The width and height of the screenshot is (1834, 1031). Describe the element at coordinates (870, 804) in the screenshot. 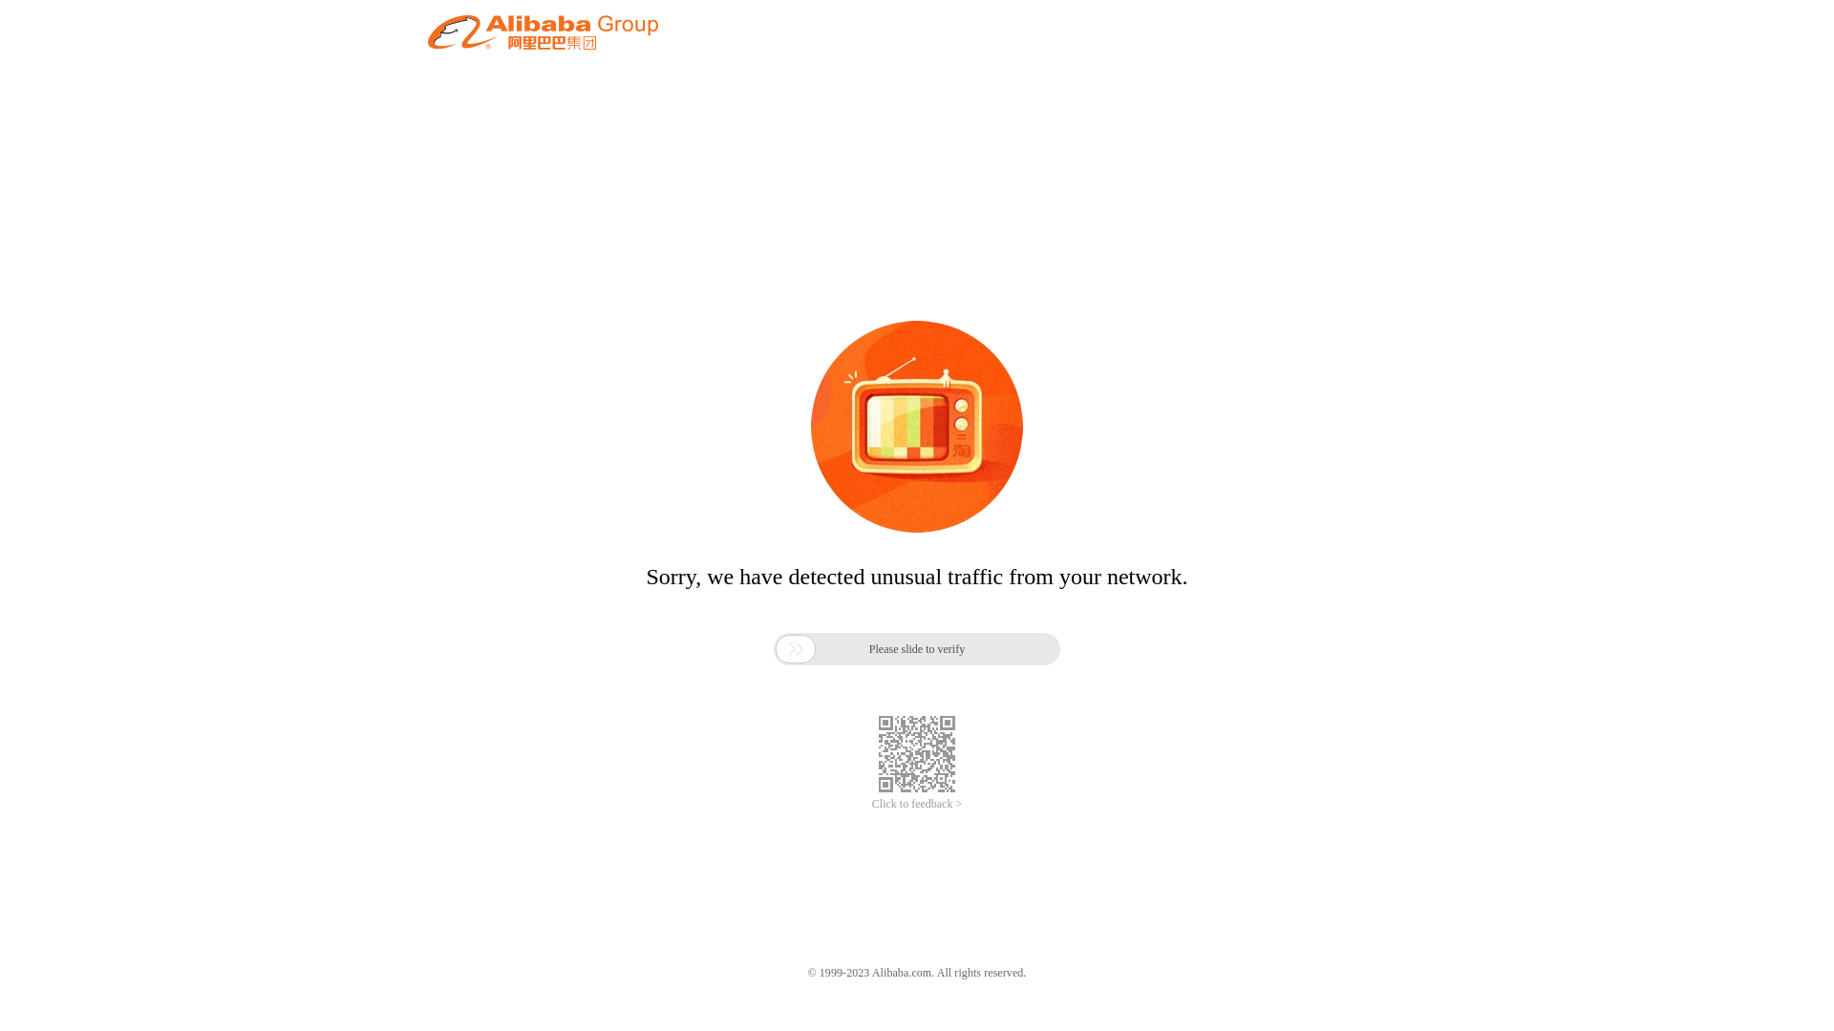

I see `'Click to feedback >'` at that location.